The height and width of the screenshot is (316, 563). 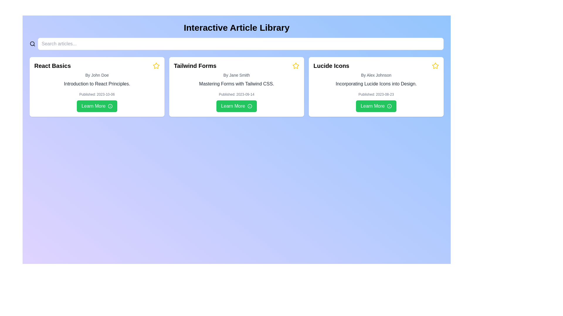 What do you see at coordinates (110, 106) in the screenshot?
I see `the circular informational icon with a lowercase 'i' inside it, located on the right side of the 'Learn More' button in the React Basics card` at bounding box center [110, 106].